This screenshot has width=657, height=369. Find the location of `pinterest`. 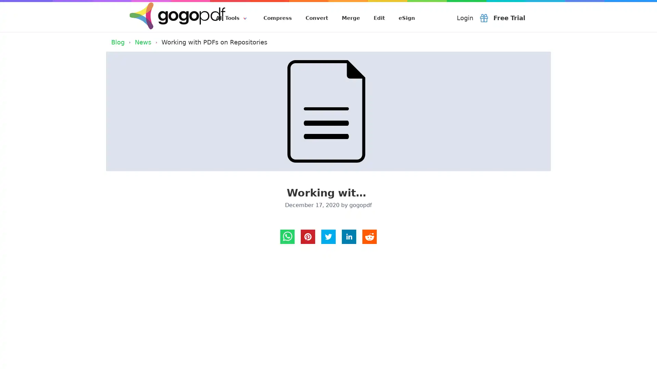

pinterest is located at coordinates (308, 236).